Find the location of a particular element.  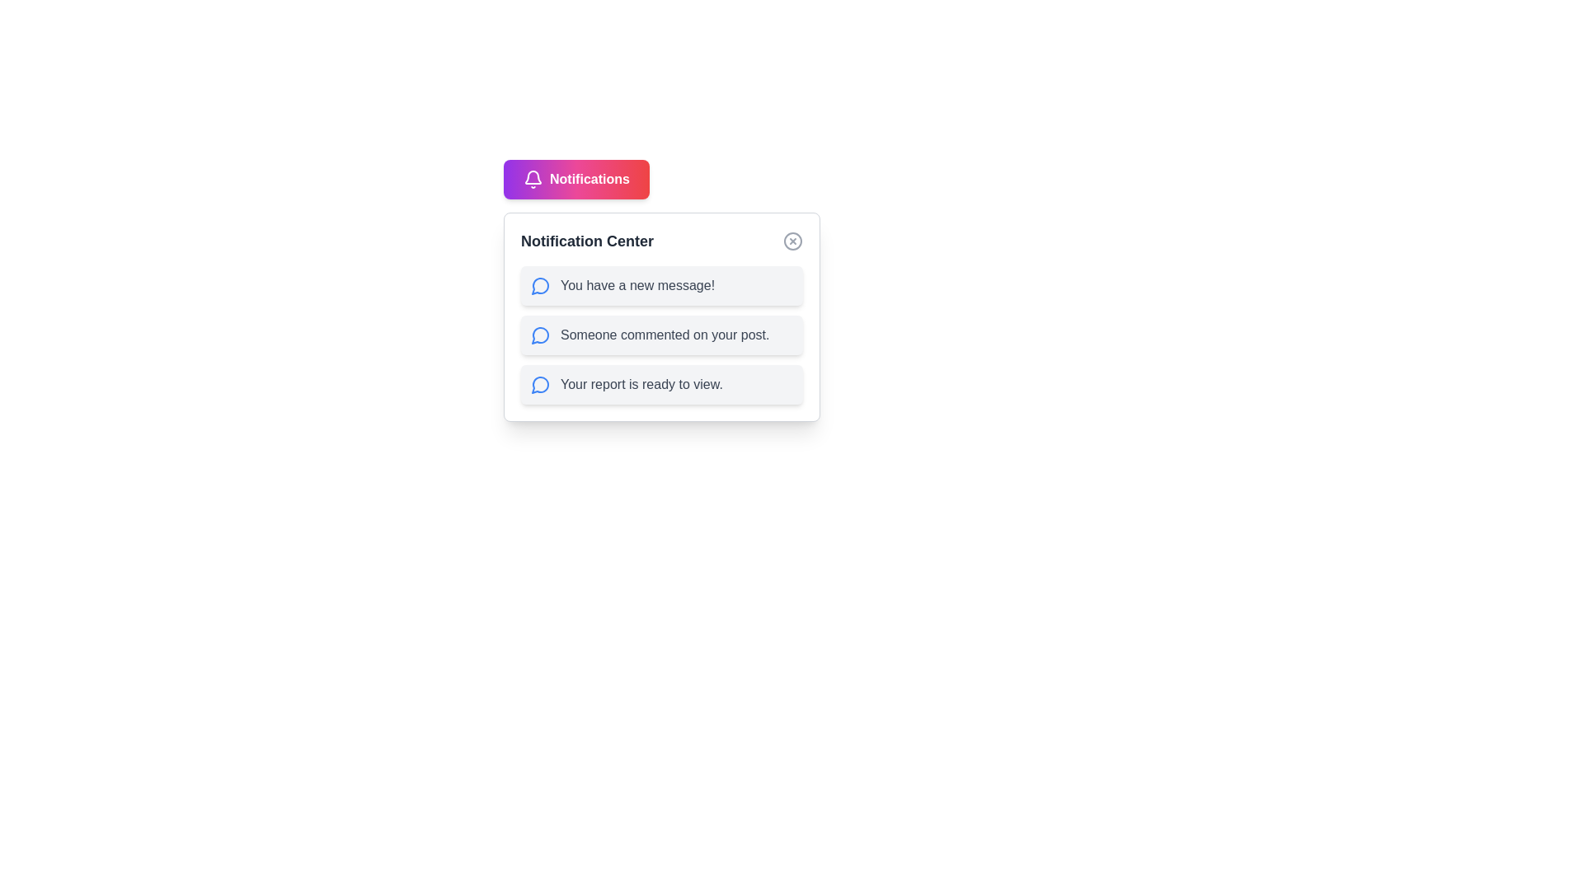

text content of the first notification item in the notification center modal, located below the 'Notification Center' header is located at coordinates (661, 285).